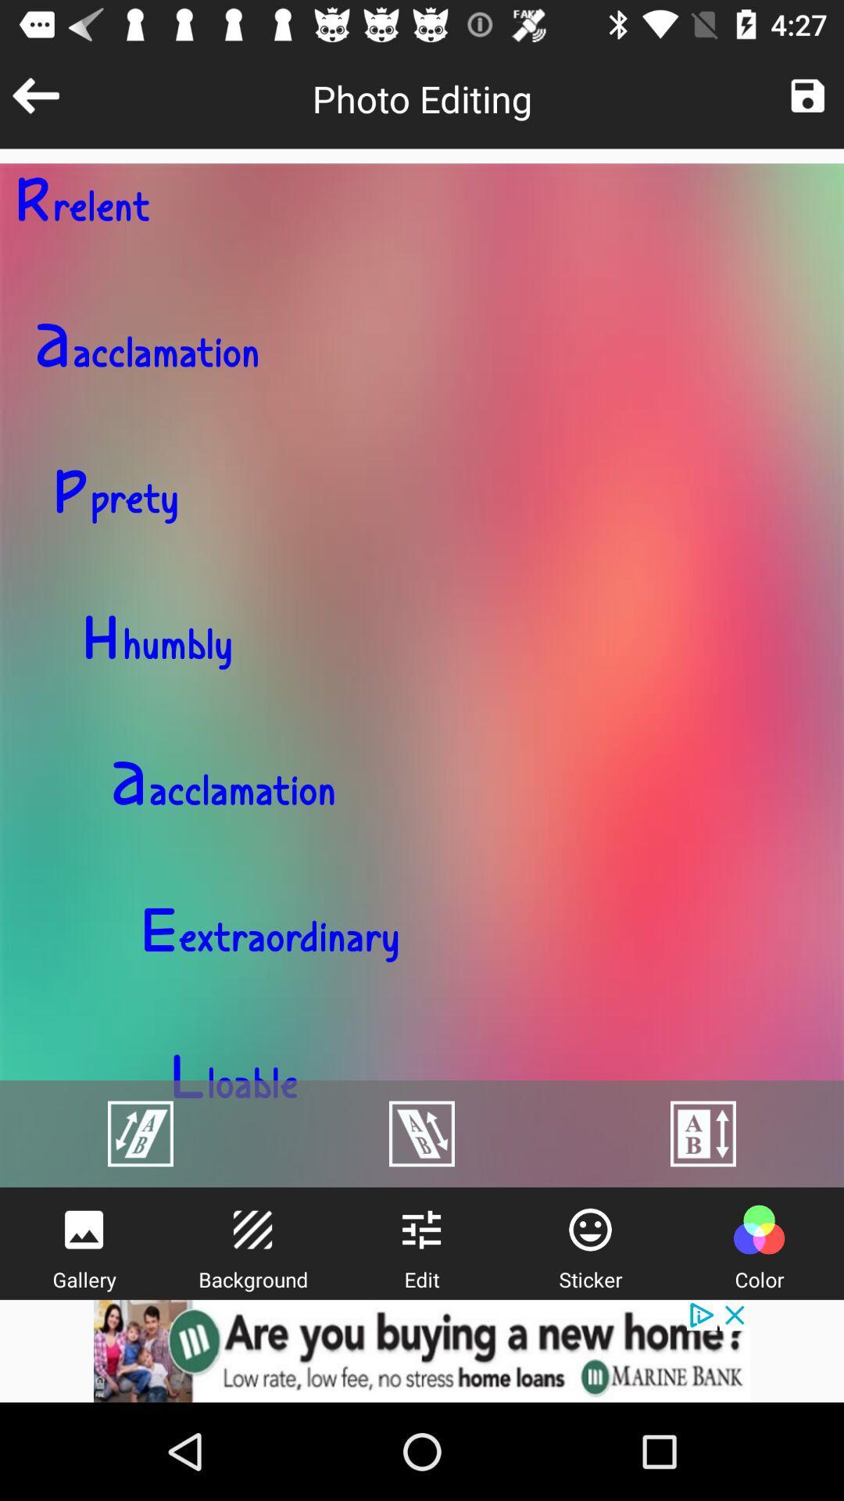 The image size is (844, 1501). Describe the element at coordinates (420, 1229) in the screenshot. I see `edit image` at that location.